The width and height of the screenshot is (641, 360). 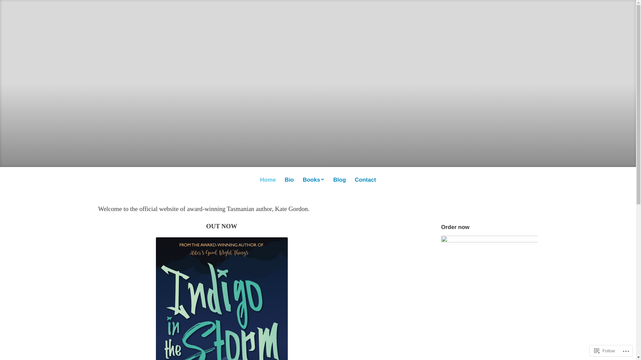 I want to click on 'Home', so click(x=267, y=180).